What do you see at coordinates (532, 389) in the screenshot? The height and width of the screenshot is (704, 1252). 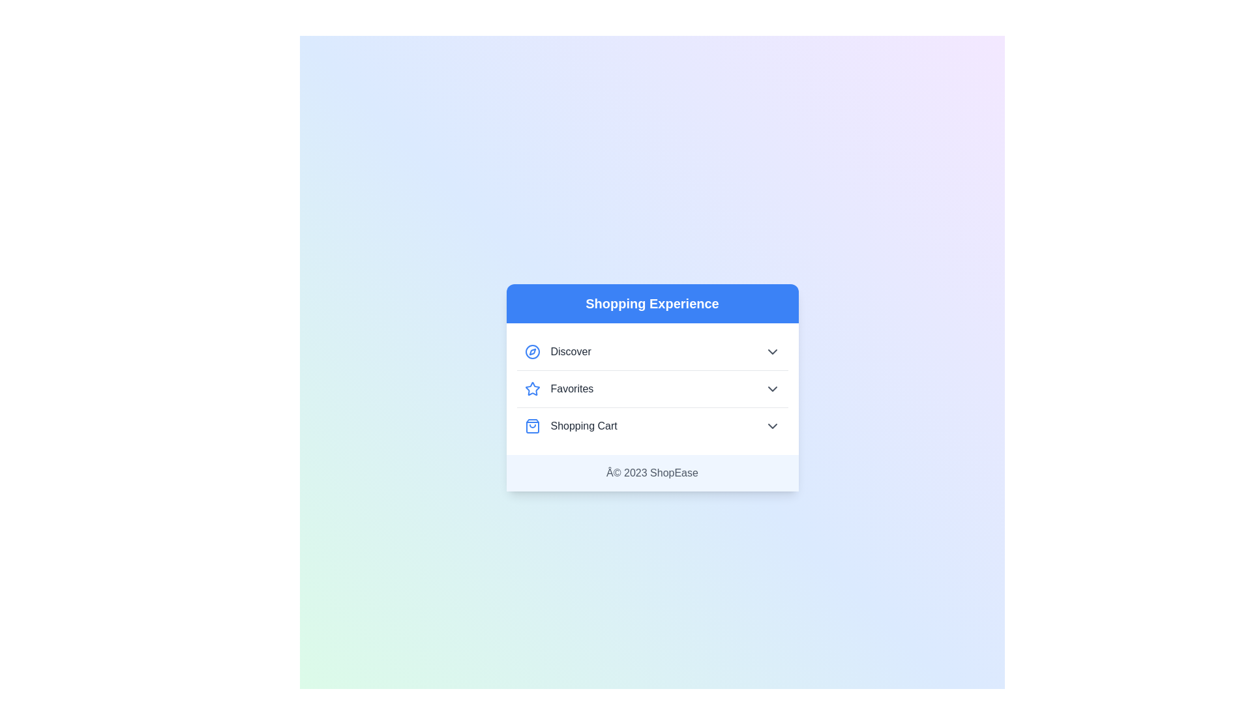 I see `the icon next to the category Favorites` at bounding box center [532, 389].